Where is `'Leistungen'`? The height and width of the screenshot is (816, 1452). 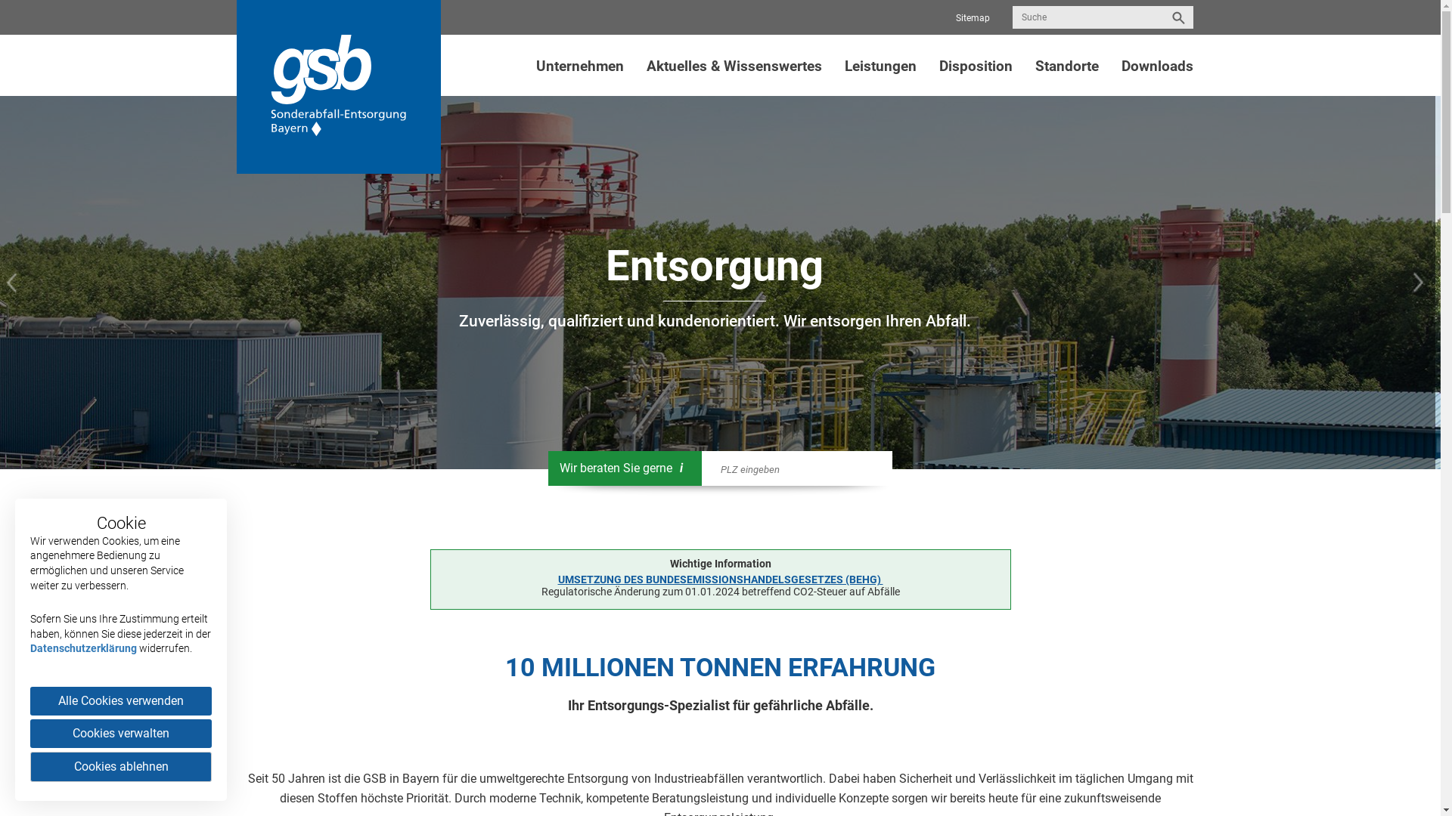
'Leistungen' is located at coordinates (880, 65).